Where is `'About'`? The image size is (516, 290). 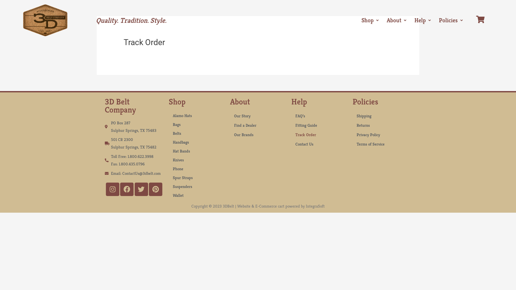
'About' is located at coordinates (396, 20).